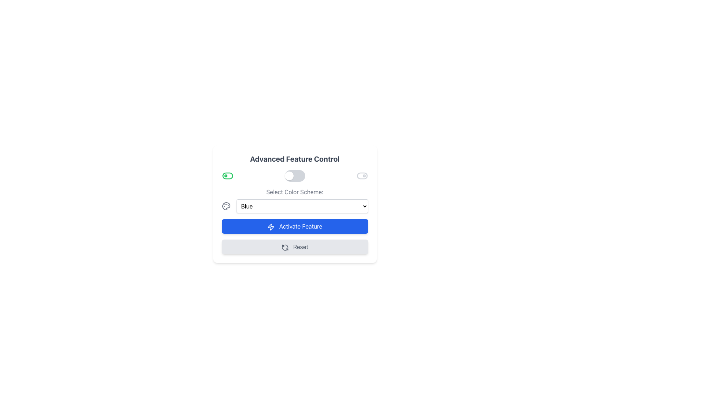 Image resolution: width=702 pixels, height=395 pixels. Describe the element at coordinates (227, 176) in the screenshot. I see `the green pill-shaped toggle switch located in the 'Advanced Feature Control' section, specifically the leftmost part of the control panel` at that location.